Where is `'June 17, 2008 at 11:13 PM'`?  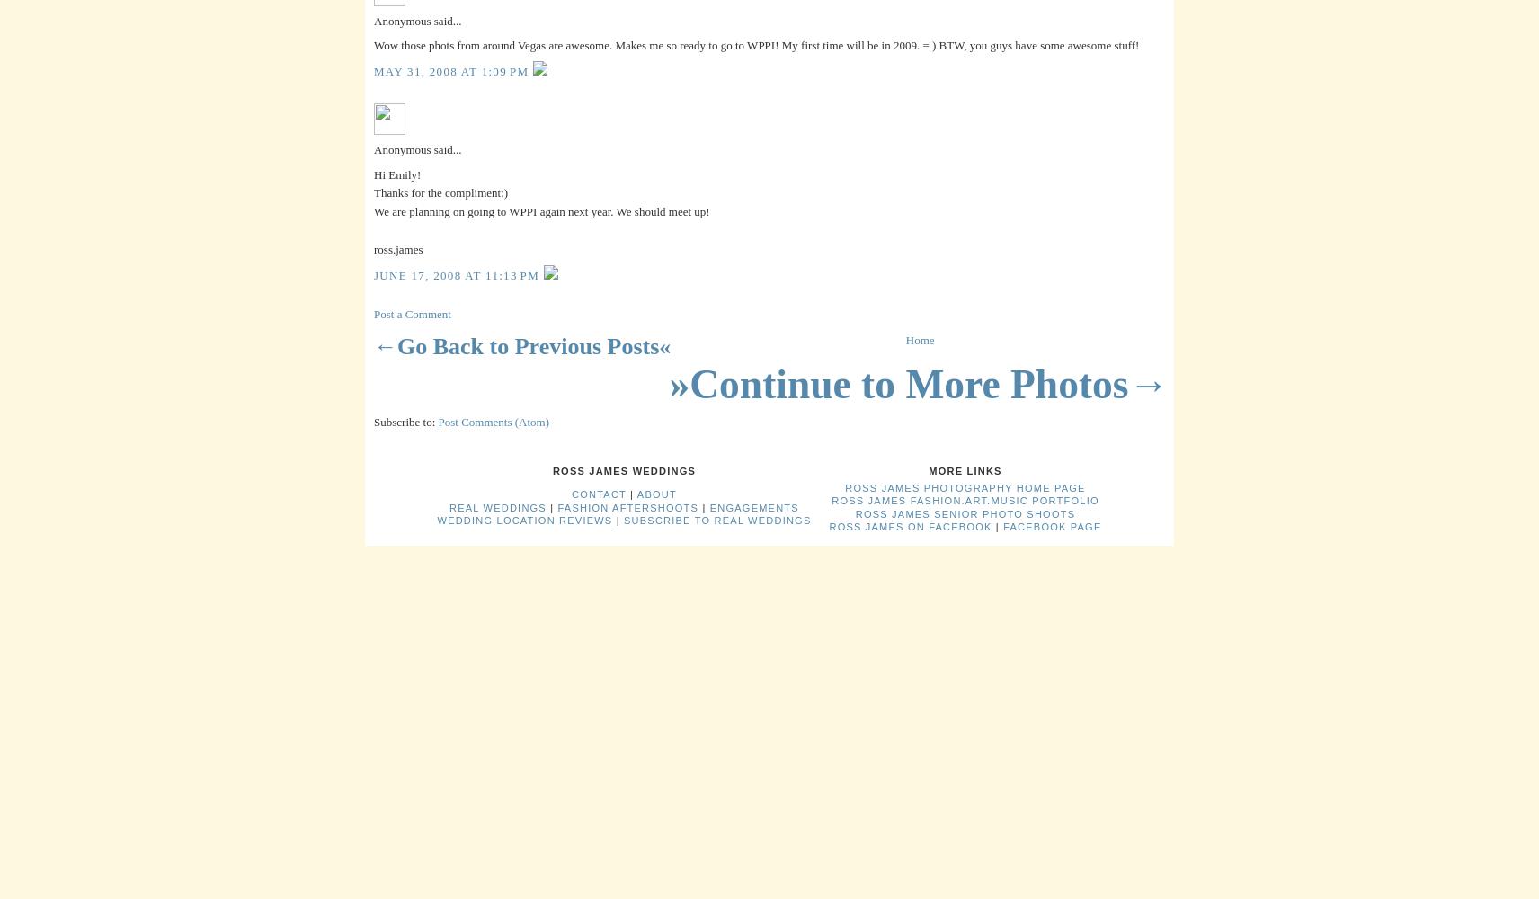 'June 17, 2008 at 11:13 PM' is located at coordinates (458, 275).